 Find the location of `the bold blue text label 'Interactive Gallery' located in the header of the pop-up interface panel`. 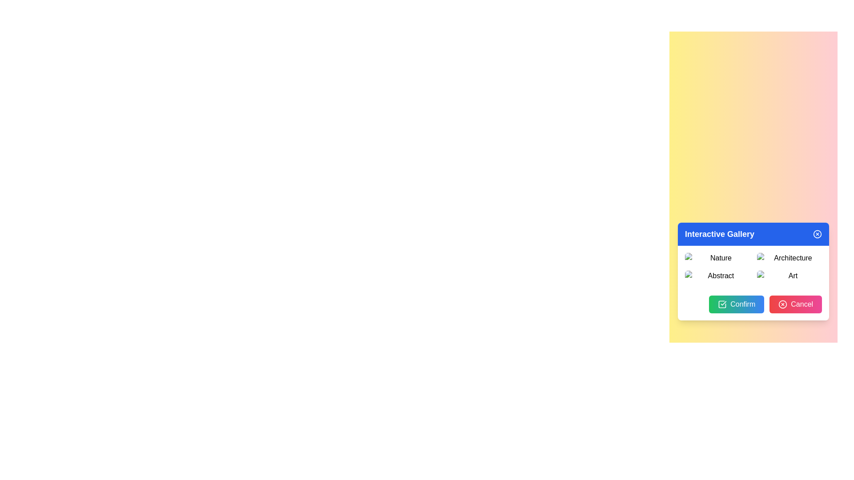

the bold blue text label 'Interactive Gallery' located in the header of the pop-up interface panel is located at coordinates (719, 234).